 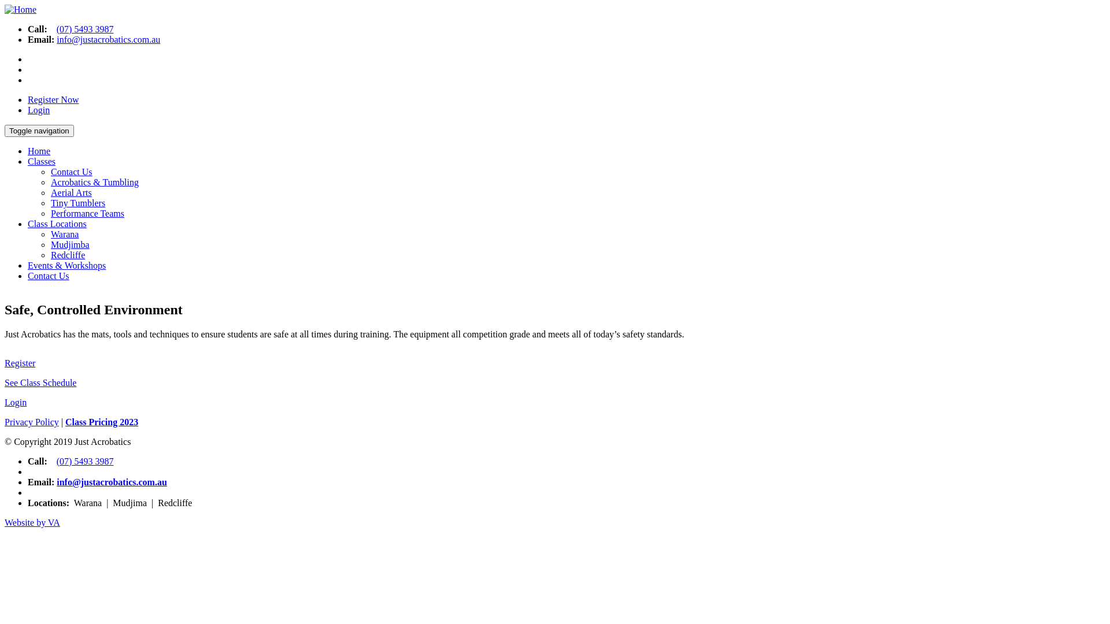 I want to click on 'Class Pricing 2023', so click(x=102, y=422).